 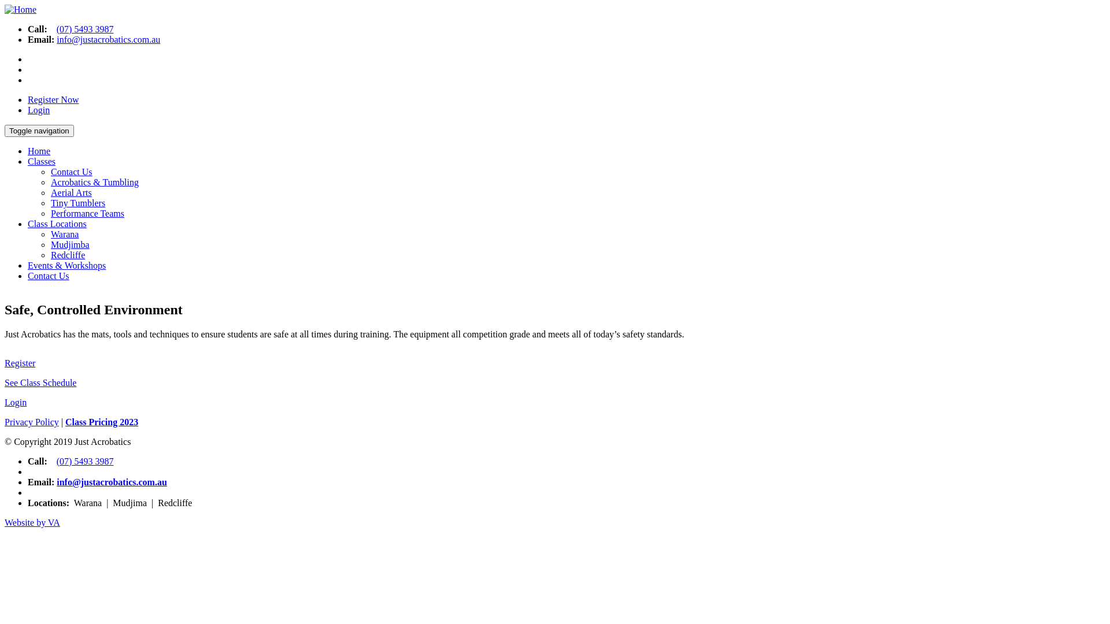 I want to click on 'Class Pricing 2023', so click(x=102, y=422).